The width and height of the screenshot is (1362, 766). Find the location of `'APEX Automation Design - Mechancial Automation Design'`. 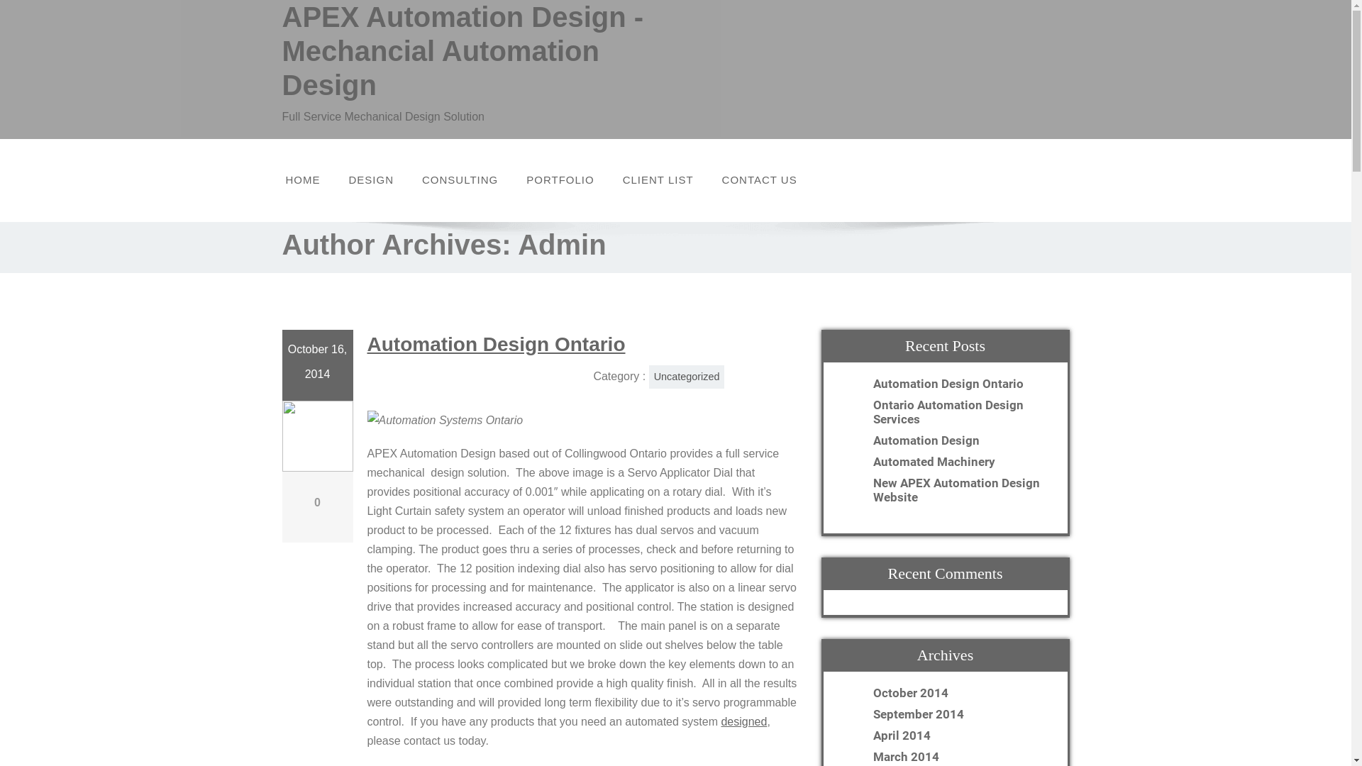

'APEX Automation Design - Mechancial Automation Design' is located at coordinates (473, 50).